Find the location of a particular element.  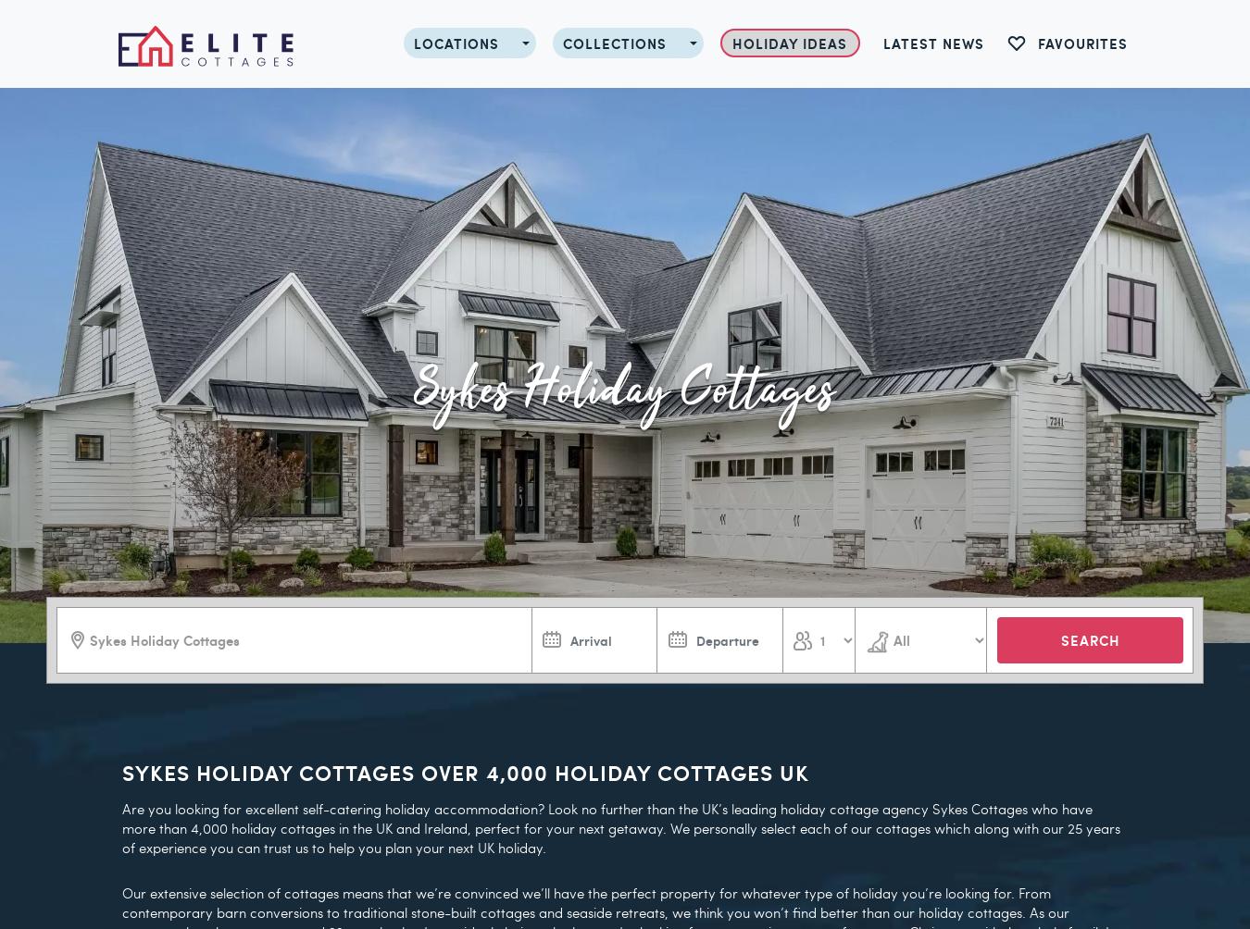

'Bedrooms
                                4' is located at coordinates (465, 525).